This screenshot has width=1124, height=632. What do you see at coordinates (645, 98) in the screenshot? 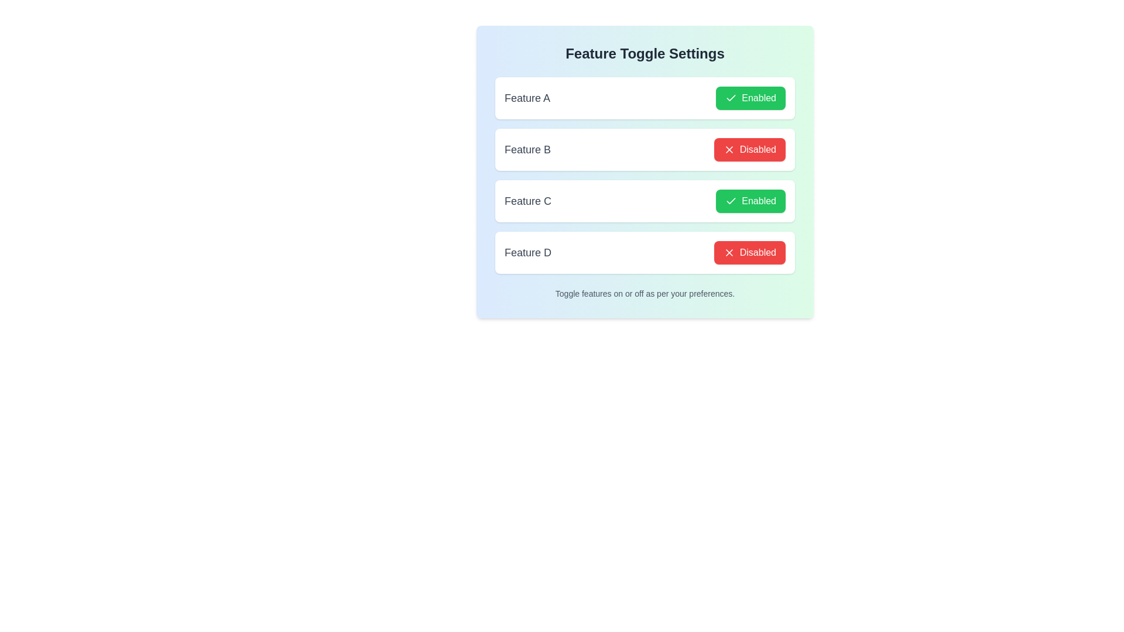
I see `the first list item with toggle control labeled 'Feature A' that has a green button indicating 'Enabled'` at bounding box center [645, 98].